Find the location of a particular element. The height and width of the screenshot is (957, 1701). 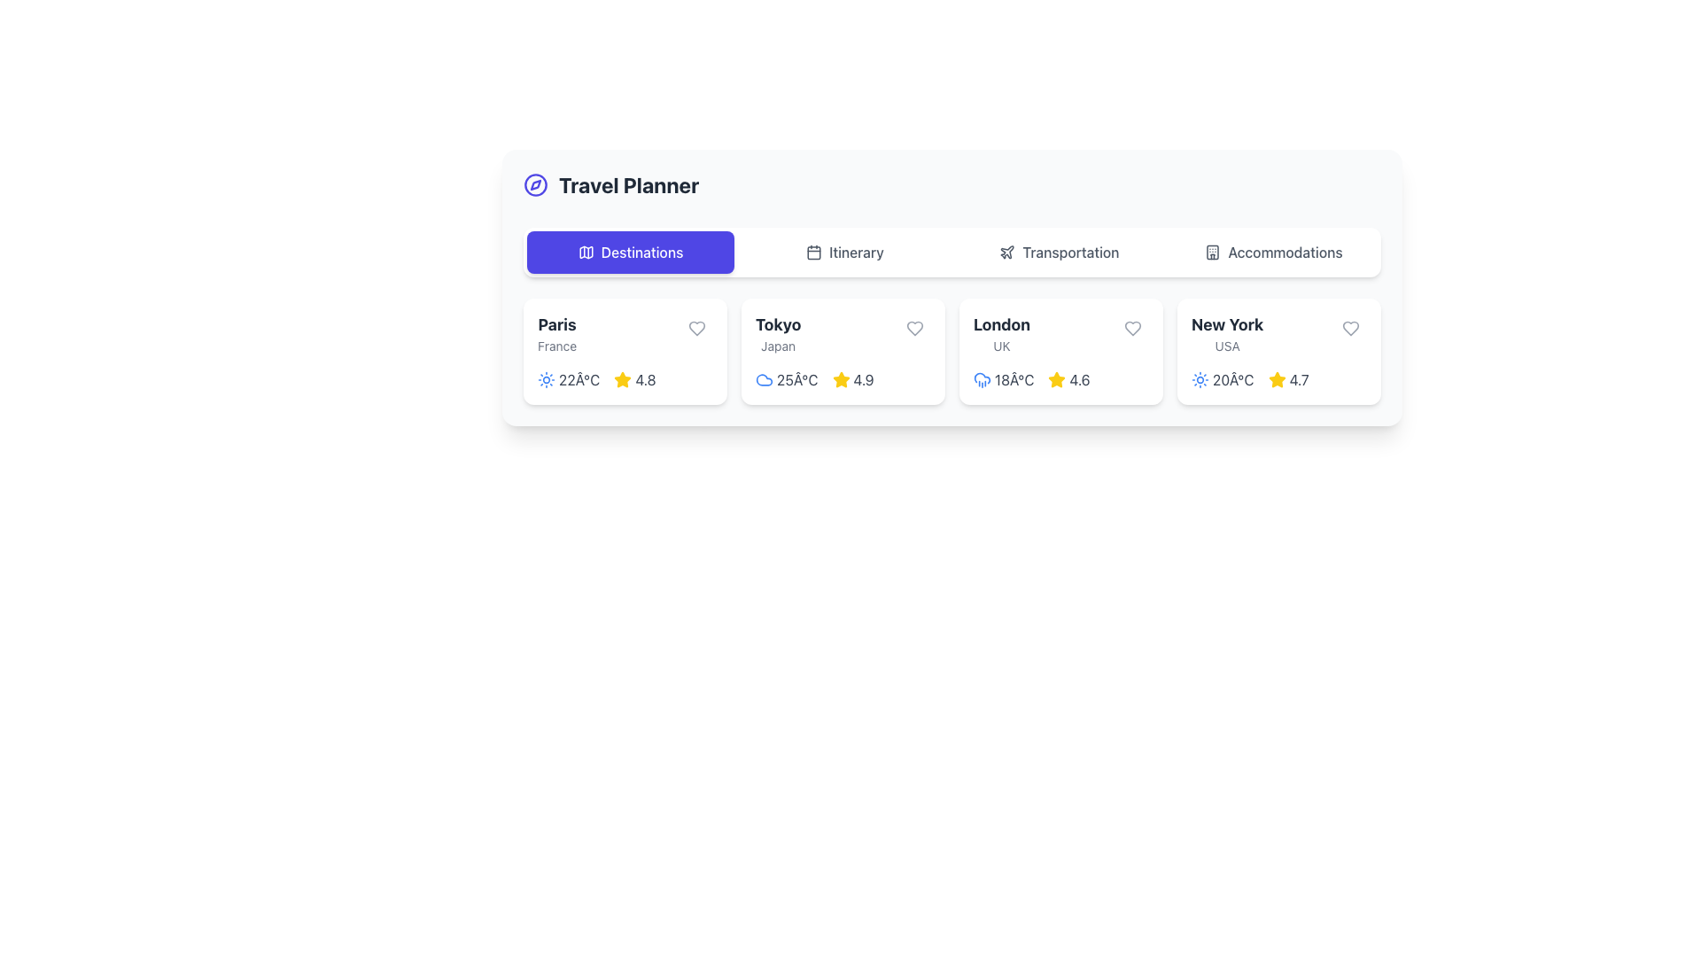

the yellow star icon with the numerical score '4.8' in the rating indicator located under the 'Paris' card, positioned to the right of the temperature display '22°C' is located at coordinates (634, 378).